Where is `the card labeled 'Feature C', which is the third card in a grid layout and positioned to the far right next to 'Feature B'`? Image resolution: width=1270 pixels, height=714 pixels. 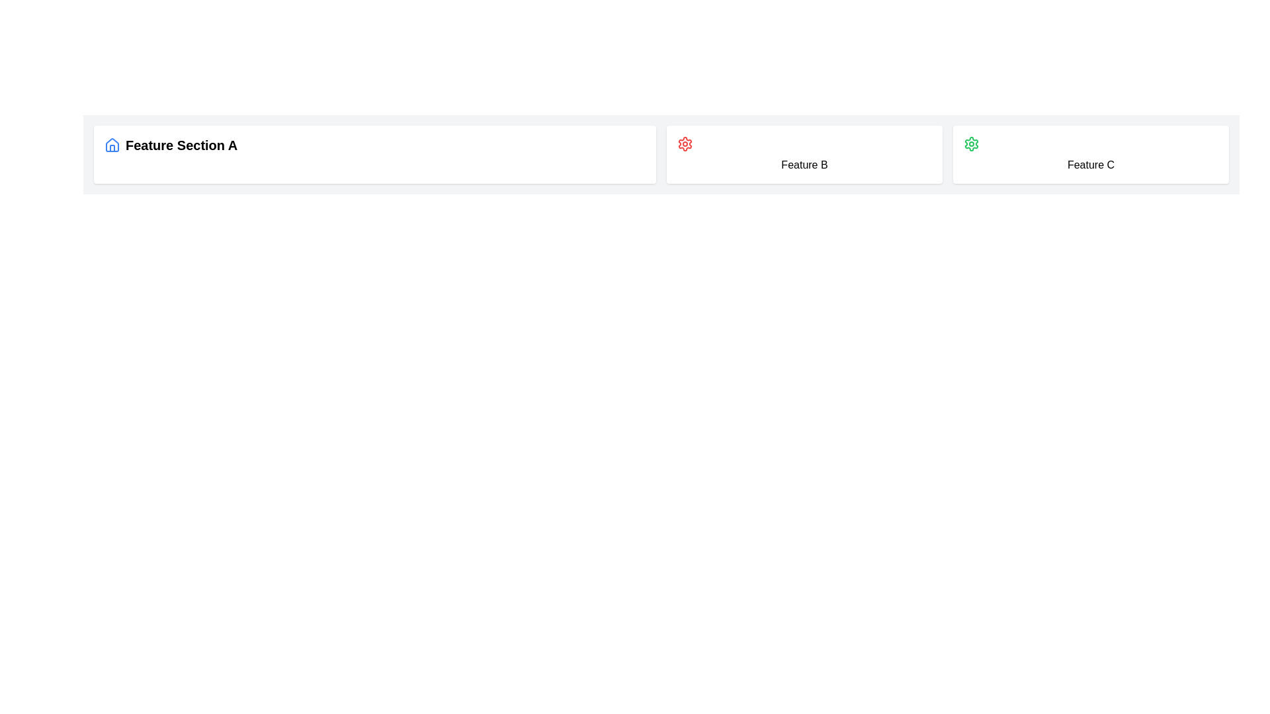
the card labeled 'Feature C', which is the third card in a grid layout and positioned to the far right next to 'Feature B' is located at coordinates (1091, 154).